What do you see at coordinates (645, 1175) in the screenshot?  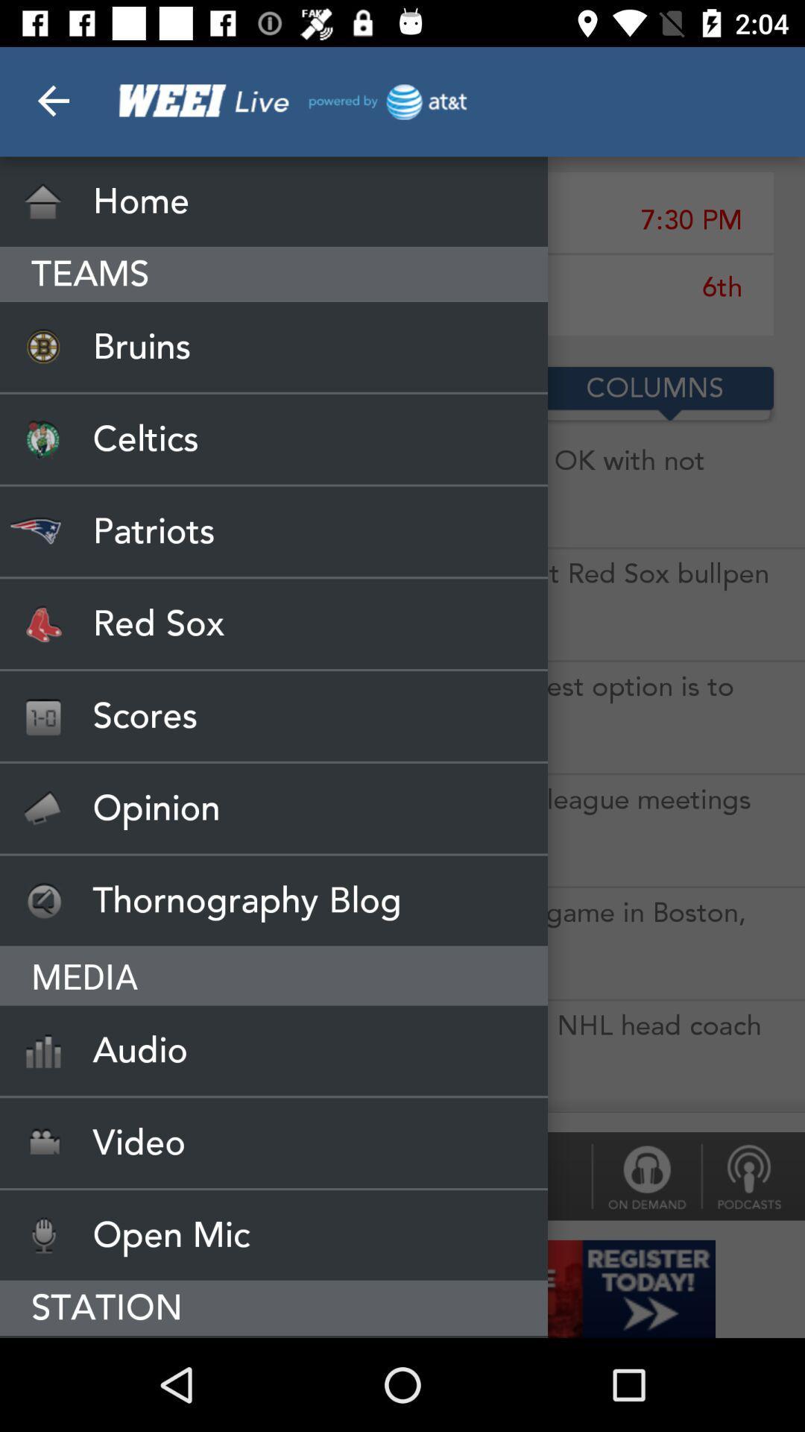 I see `the info icon` at bounding box center [645, 1175].